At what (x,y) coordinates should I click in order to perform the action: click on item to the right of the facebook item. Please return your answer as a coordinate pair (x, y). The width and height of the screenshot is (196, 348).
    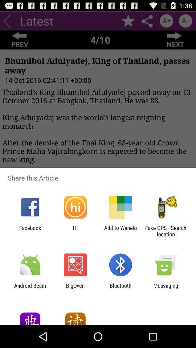
    Looking at the image, I should click on (75, 231).